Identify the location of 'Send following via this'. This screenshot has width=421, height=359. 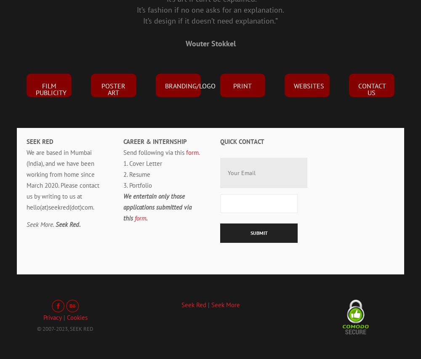
(154, 152).